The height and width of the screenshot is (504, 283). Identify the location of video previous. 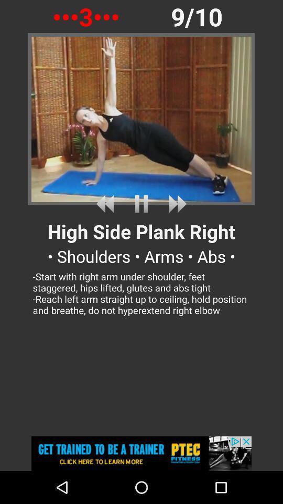
(106, 203).